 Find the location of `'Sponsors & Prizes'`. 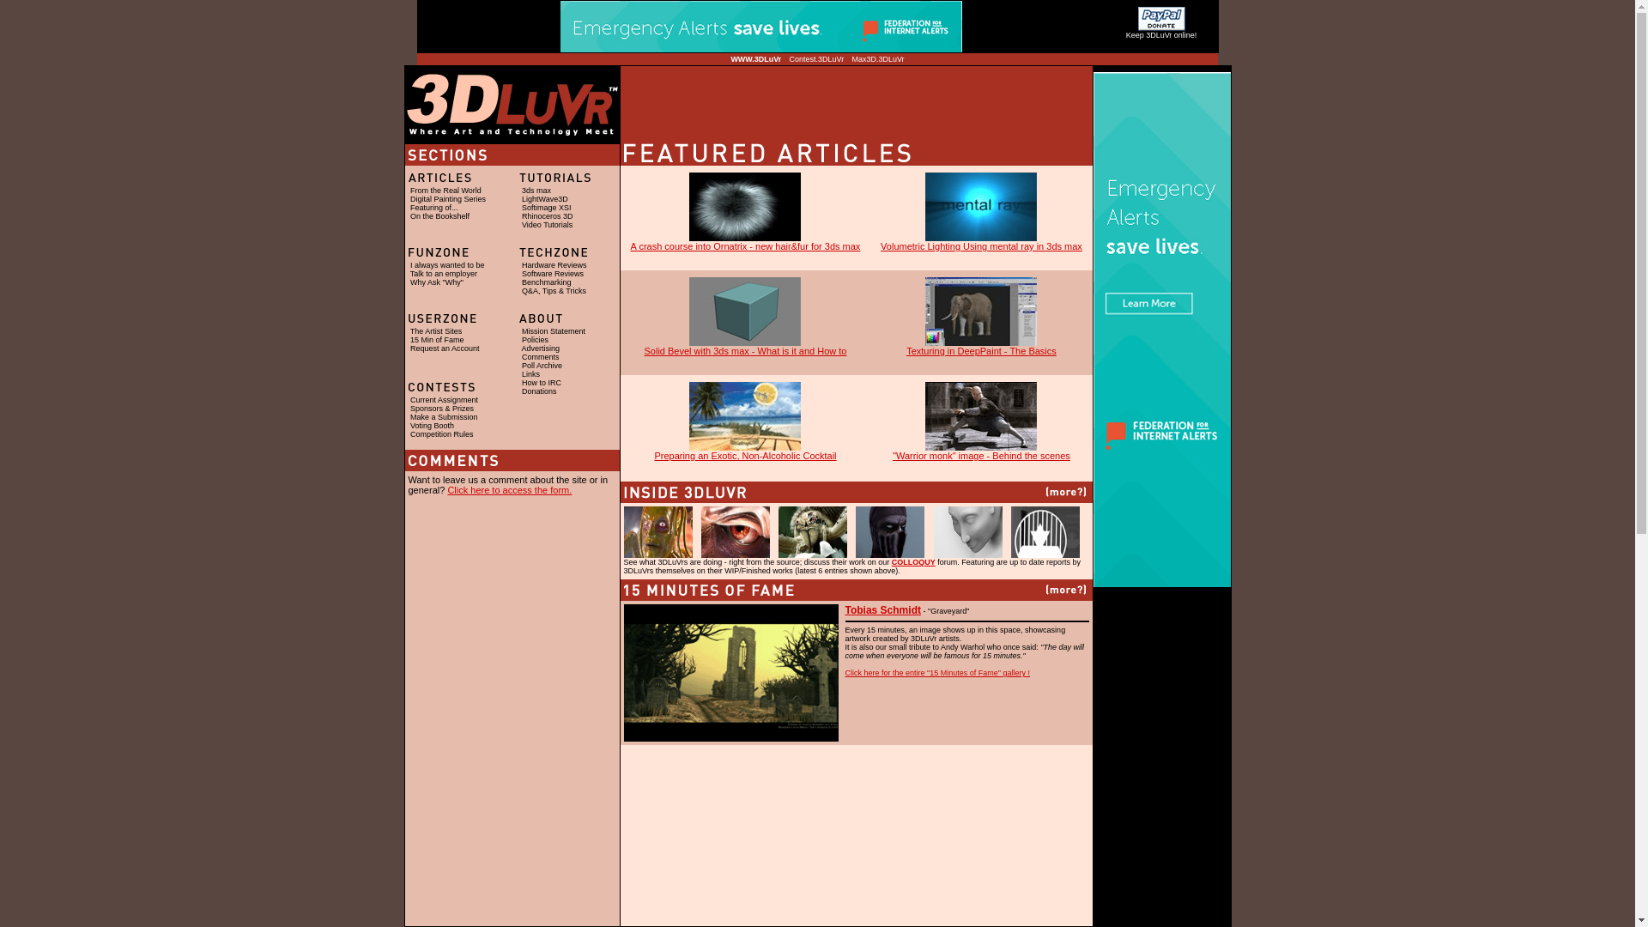

'Sponsors & Prizes' is located at coordinates (441, 408).